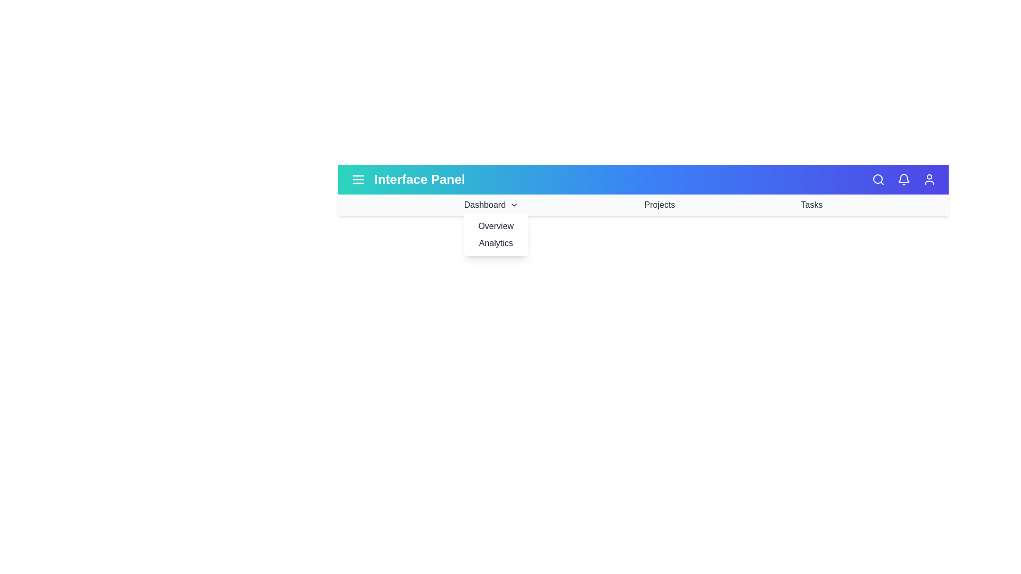  Describe the element at coordinates (659, 205) in the screenshot. I see `the 'Projects' menu item in the navigation bar` at that location.